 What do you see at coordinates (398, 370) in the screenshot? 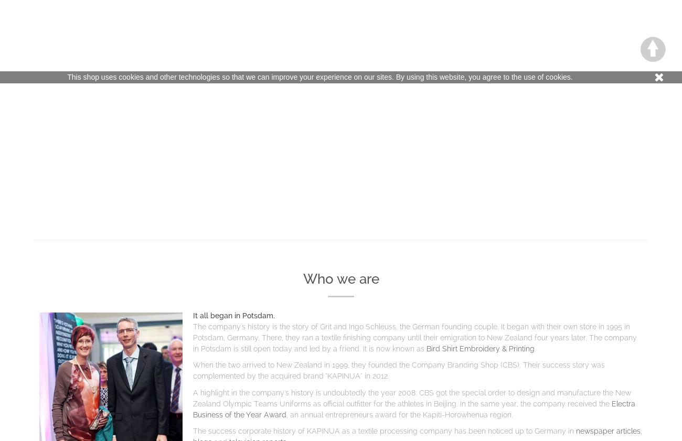
I see `'When the two arrived to New Zealand in 1999, they founded the Company Branding Shop (CBS). Their success story was complemented by the acquired brand "KAPINUA"'` at bounding box center [398, 370].